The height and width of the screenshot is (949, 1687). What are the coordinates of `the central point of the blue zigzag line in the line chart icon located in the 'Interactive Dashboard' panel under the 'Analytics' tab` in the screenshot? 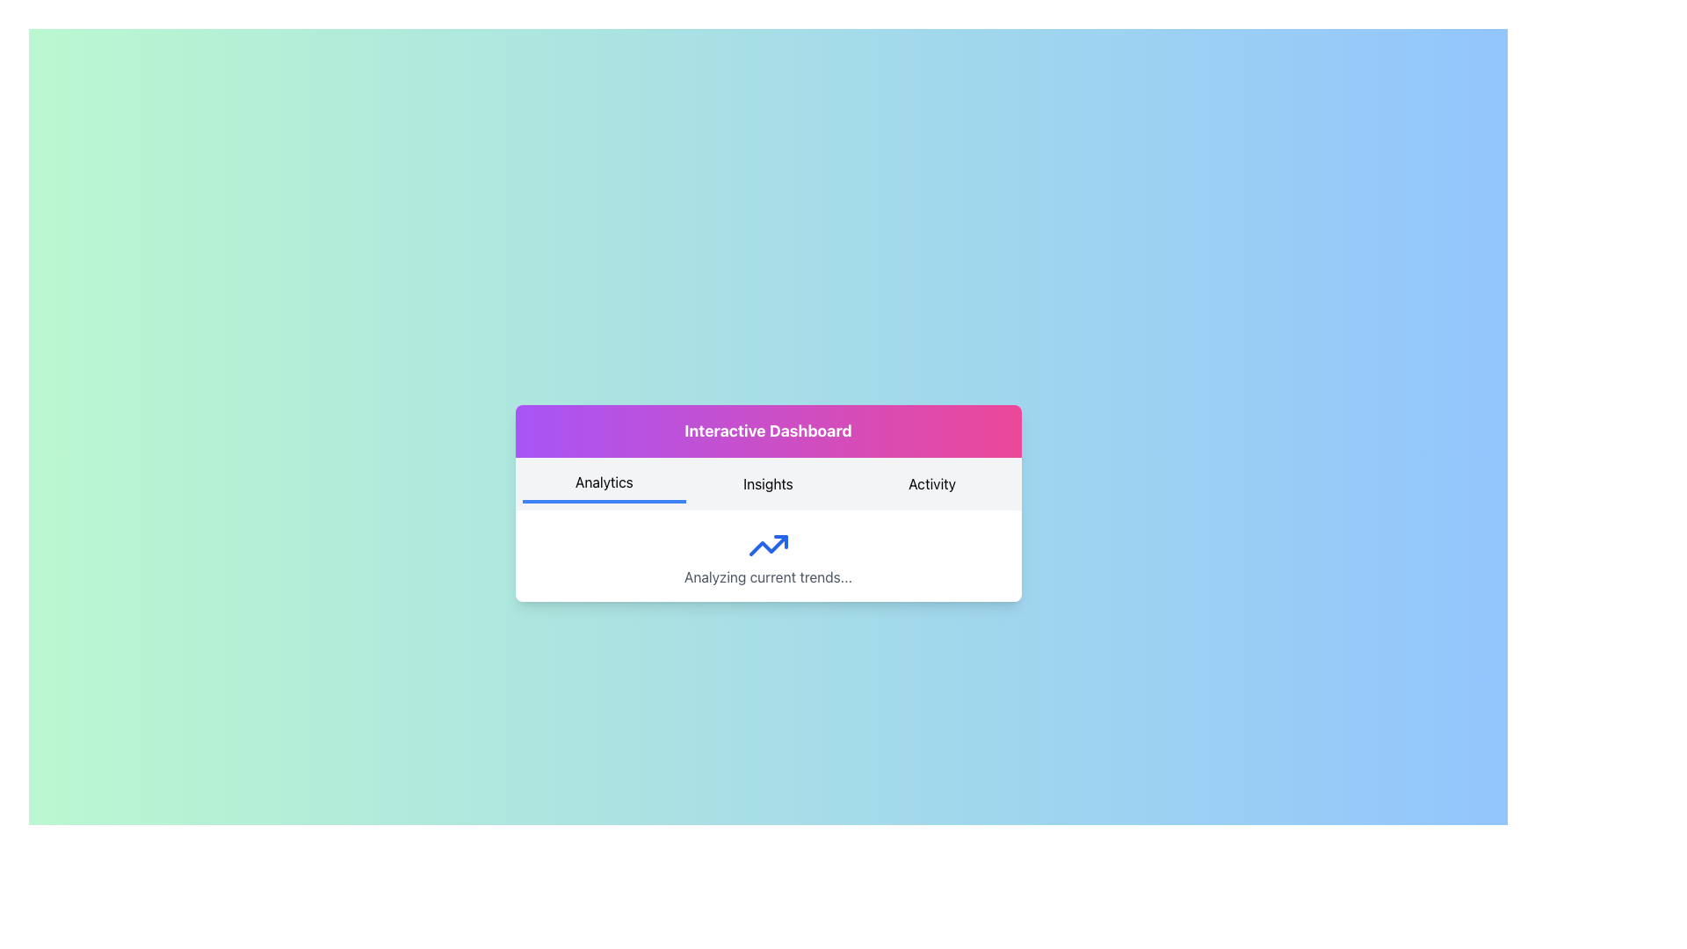 It's located at (768, 545).